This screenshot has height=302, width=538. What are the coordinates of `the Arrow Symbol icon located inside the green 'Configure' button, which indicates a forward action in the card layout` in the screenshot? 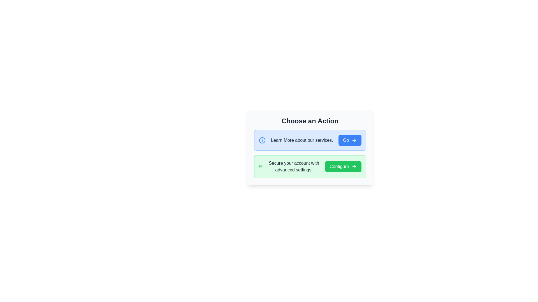 It's located at (354, 166).